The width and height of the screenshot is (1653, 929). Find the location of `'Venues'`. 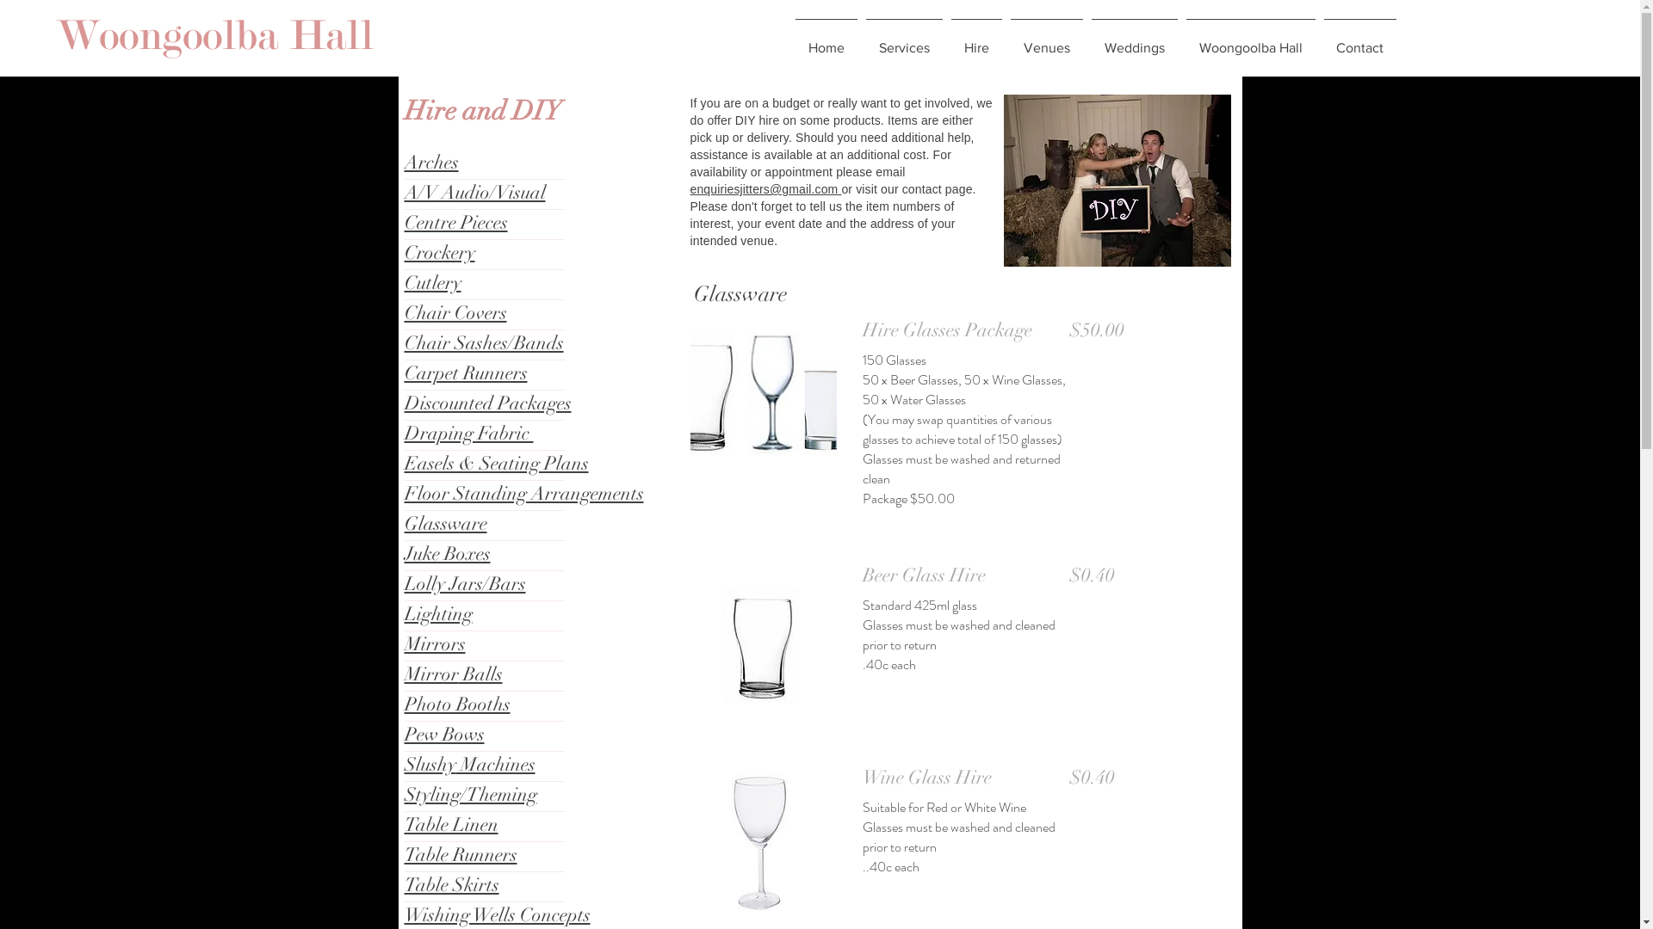

'Venues' is located at coordinates (1044, 39).